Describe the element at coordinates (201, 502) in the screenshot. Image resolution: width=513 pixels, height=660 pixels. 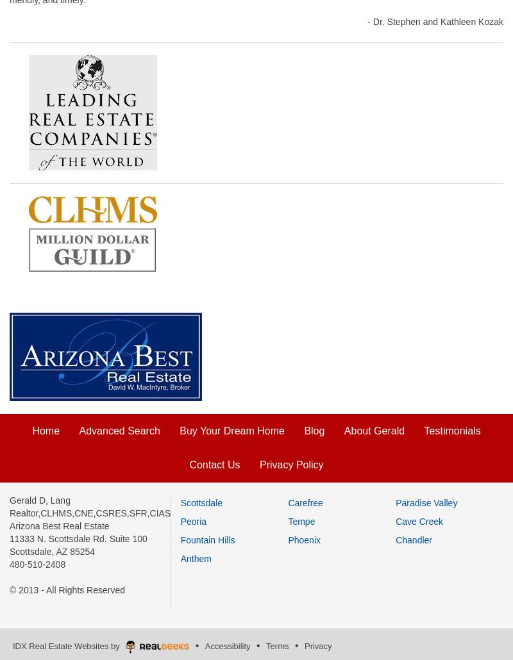
I see `'Scottsdale'` at that location.